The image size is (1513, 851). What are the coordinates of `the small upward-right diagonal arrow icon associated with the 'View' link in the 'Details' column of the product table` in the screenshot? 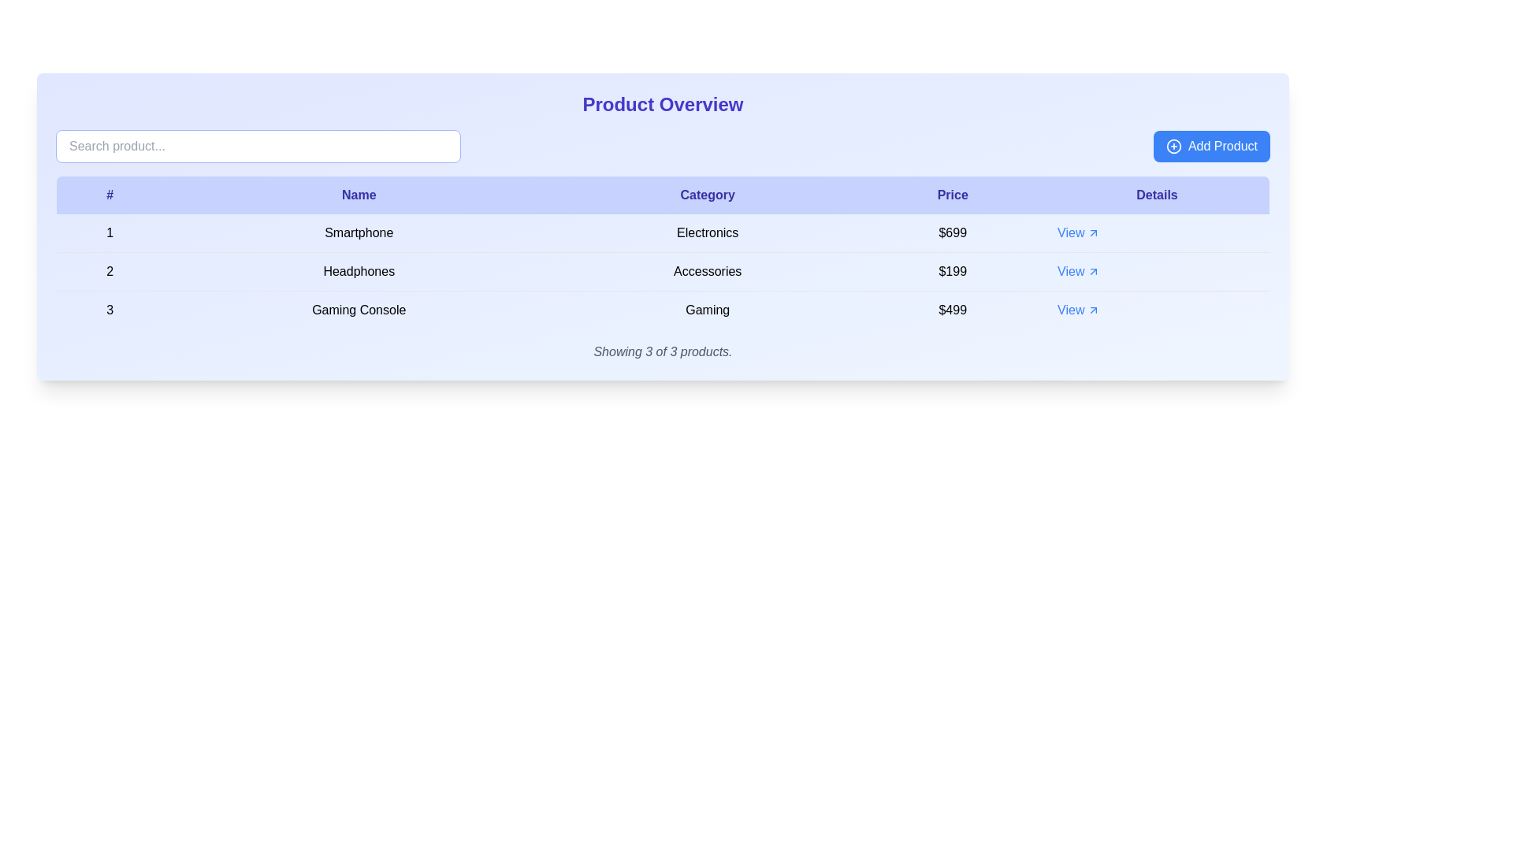 It's located at (1093, 310).